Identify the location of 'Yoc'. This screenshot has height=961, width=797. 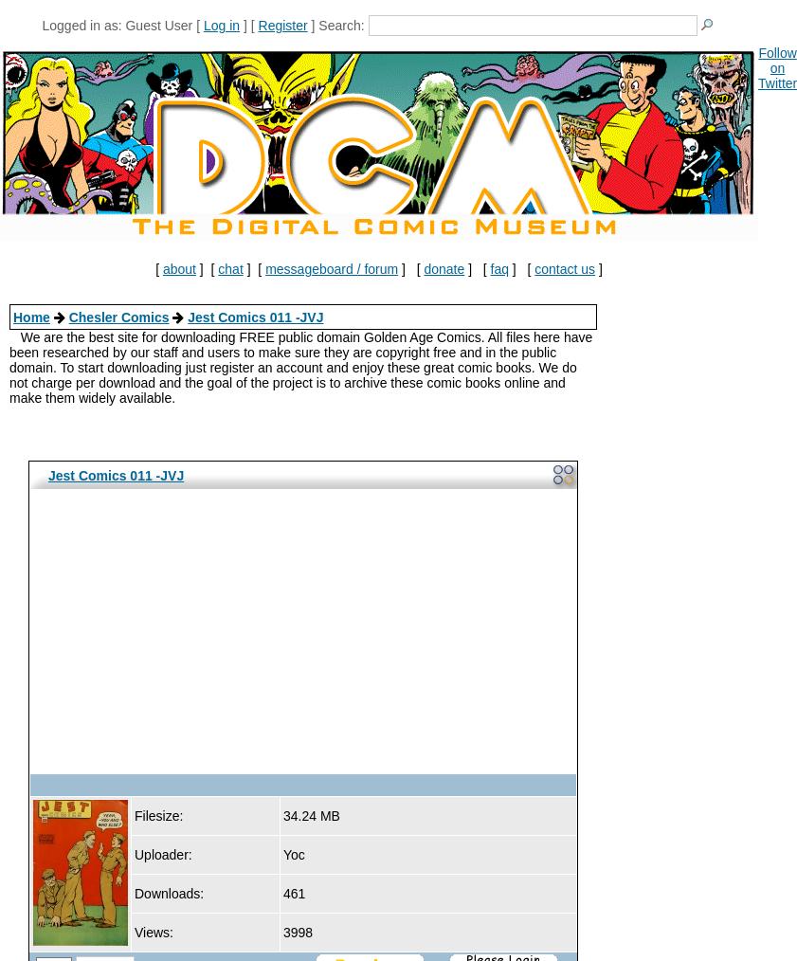
(292, 853).